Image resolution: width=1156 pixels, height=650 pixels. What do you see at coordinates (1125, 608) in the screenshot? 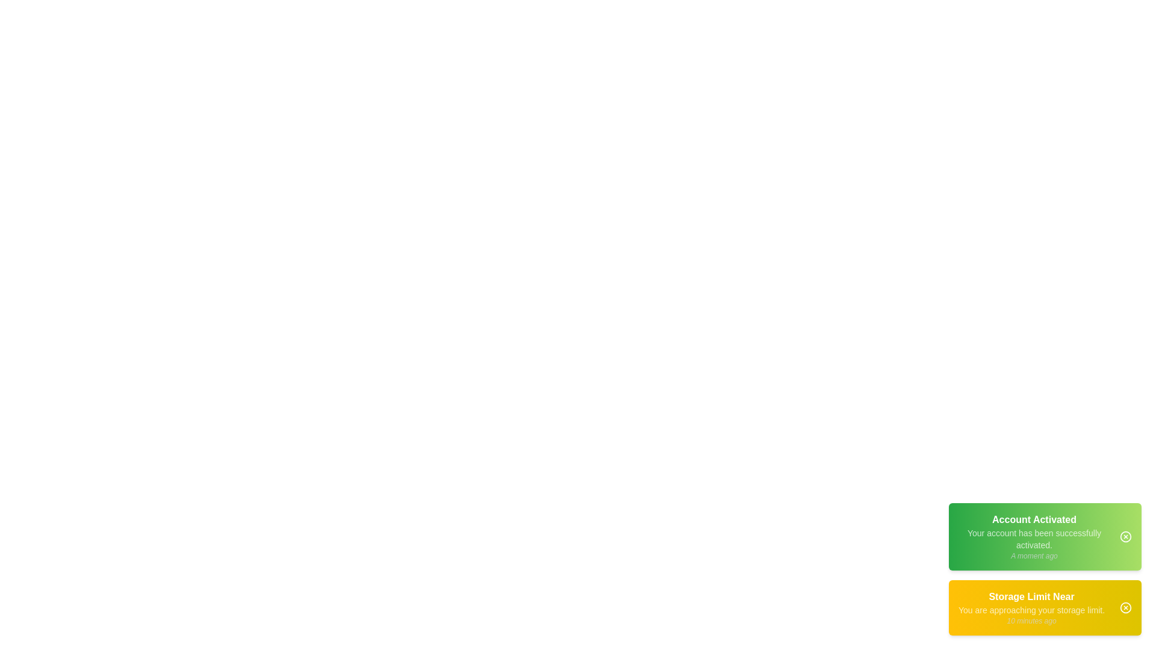
I see `the close button of the notification corresponding to Storage Limit Near` at bounding box center [1125, 608].